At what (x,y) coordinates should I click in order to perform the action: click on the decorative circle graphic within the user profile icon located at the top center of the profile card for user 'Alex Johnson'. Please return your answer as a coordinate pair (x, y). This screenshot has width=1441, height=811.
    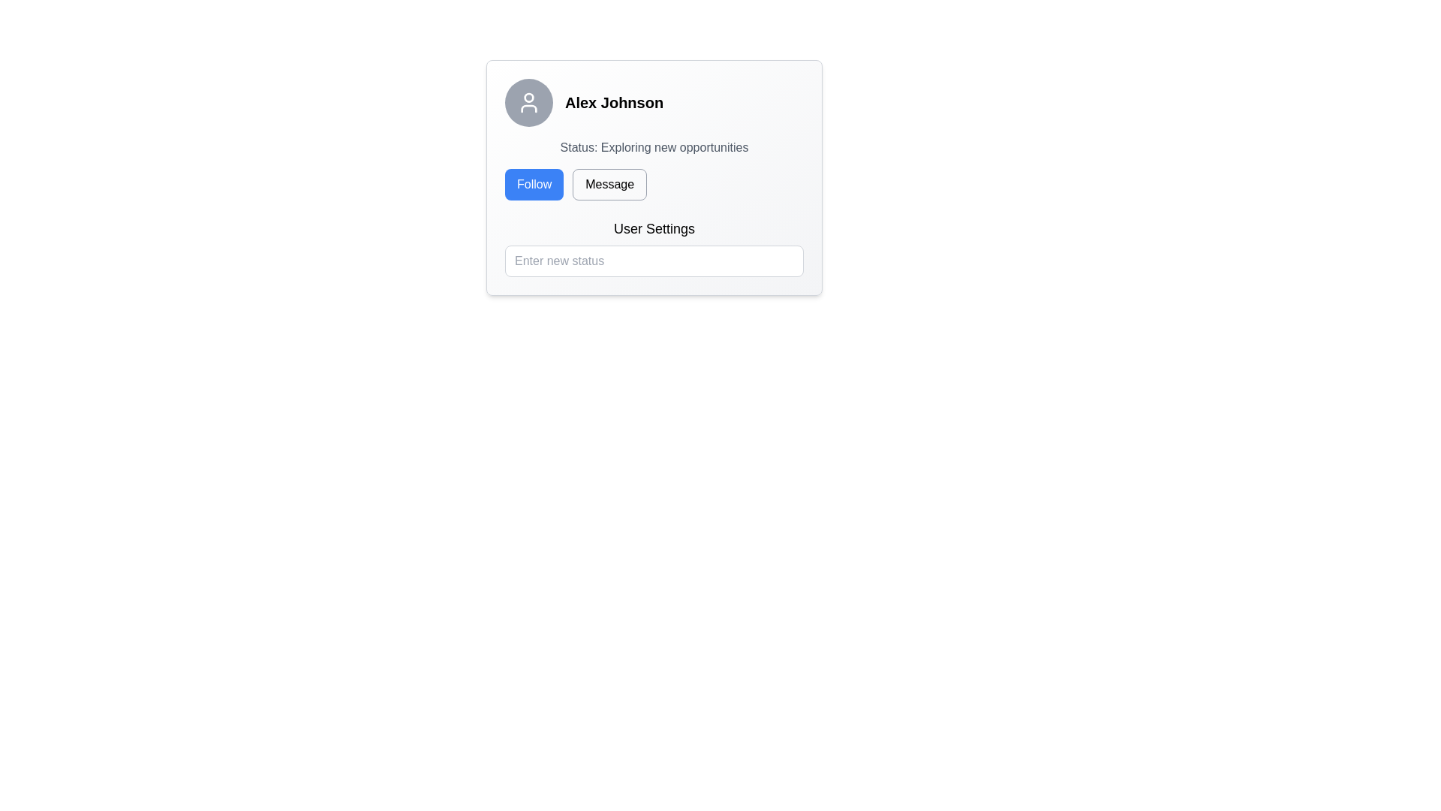
    Looking at the image, I should click on (529, 98).